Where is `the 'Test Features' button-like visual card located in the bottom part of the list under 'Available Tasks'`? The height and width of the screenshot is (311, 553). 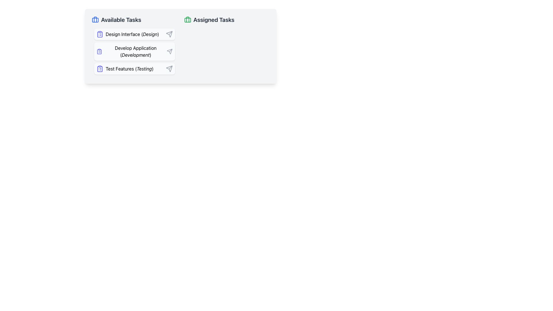
the 'Test Features' button-like visual card located in the bottom part of the list under 'Available Tasks' is located at coordinates (134, 69).